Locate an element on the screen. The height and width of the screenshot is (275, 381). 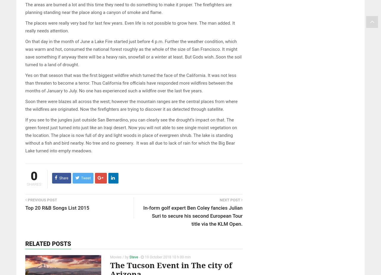
'In-form golf expert Ben Coley fancies Julian Suri to secure his second European Tour title via the KLM Open.' is located at coordinates (193, 216).